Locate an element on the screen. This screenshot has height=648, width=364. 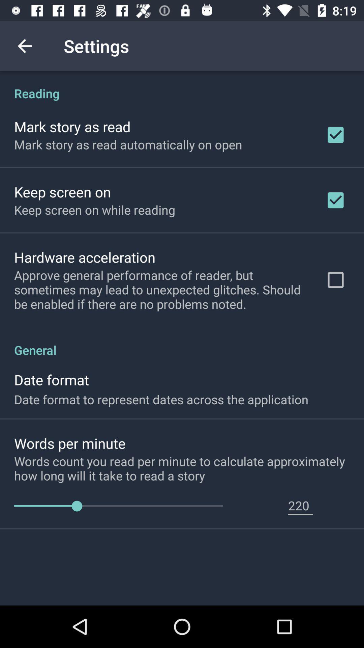
icon to the left of the 220 icon is located at coordinates (118, 506).